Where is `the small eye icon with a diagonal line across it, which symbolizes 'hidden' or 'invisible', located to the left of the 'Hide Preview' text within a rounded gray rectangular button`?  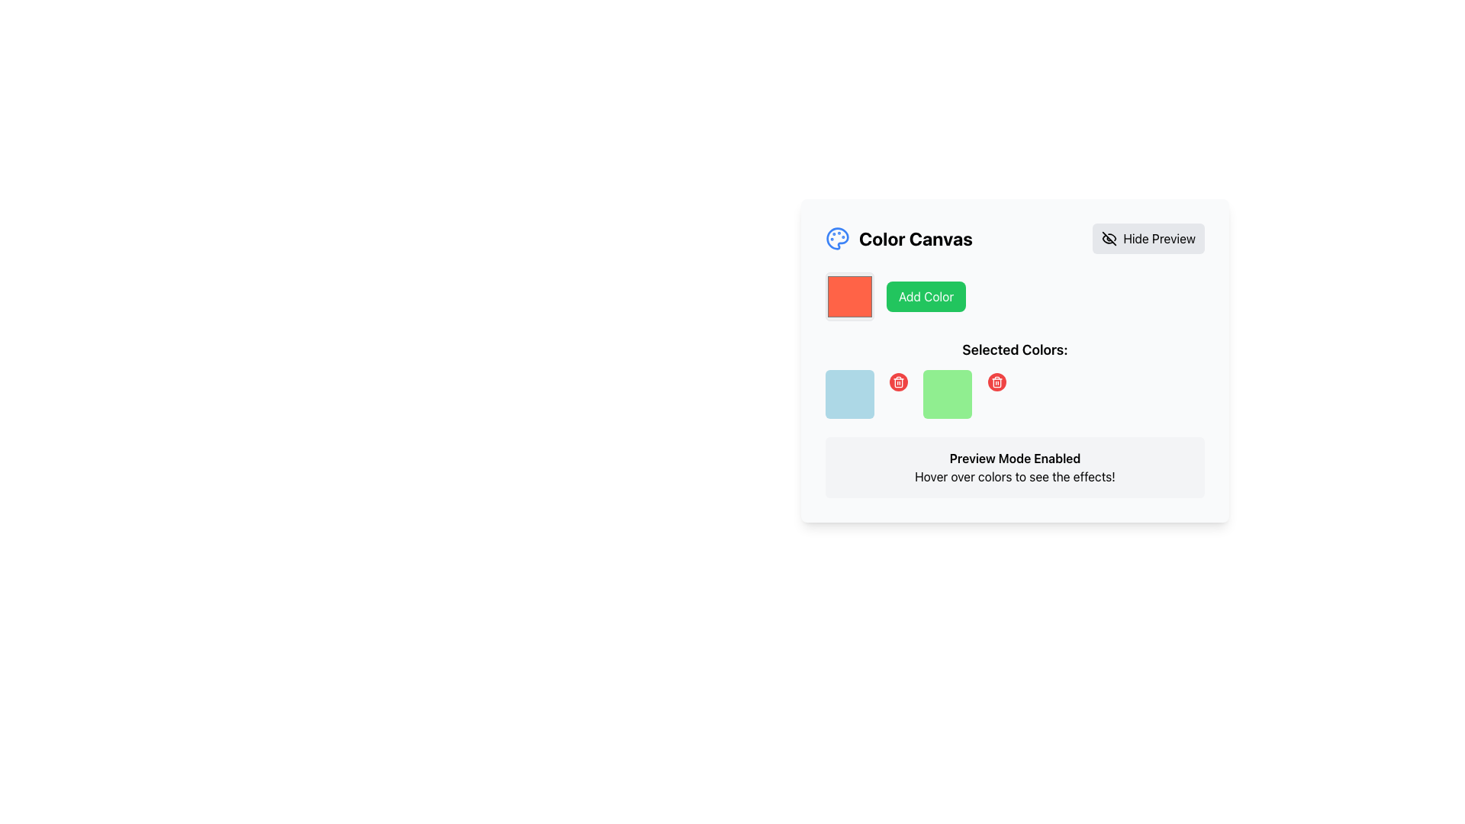 the small eye icon with a diagonal line across it, which symbolizes 'hidden' or 'invisible', located to the left of the 'Hide Preview' text within a rounded gray rectangular button is located at coordinates (1109, 238).